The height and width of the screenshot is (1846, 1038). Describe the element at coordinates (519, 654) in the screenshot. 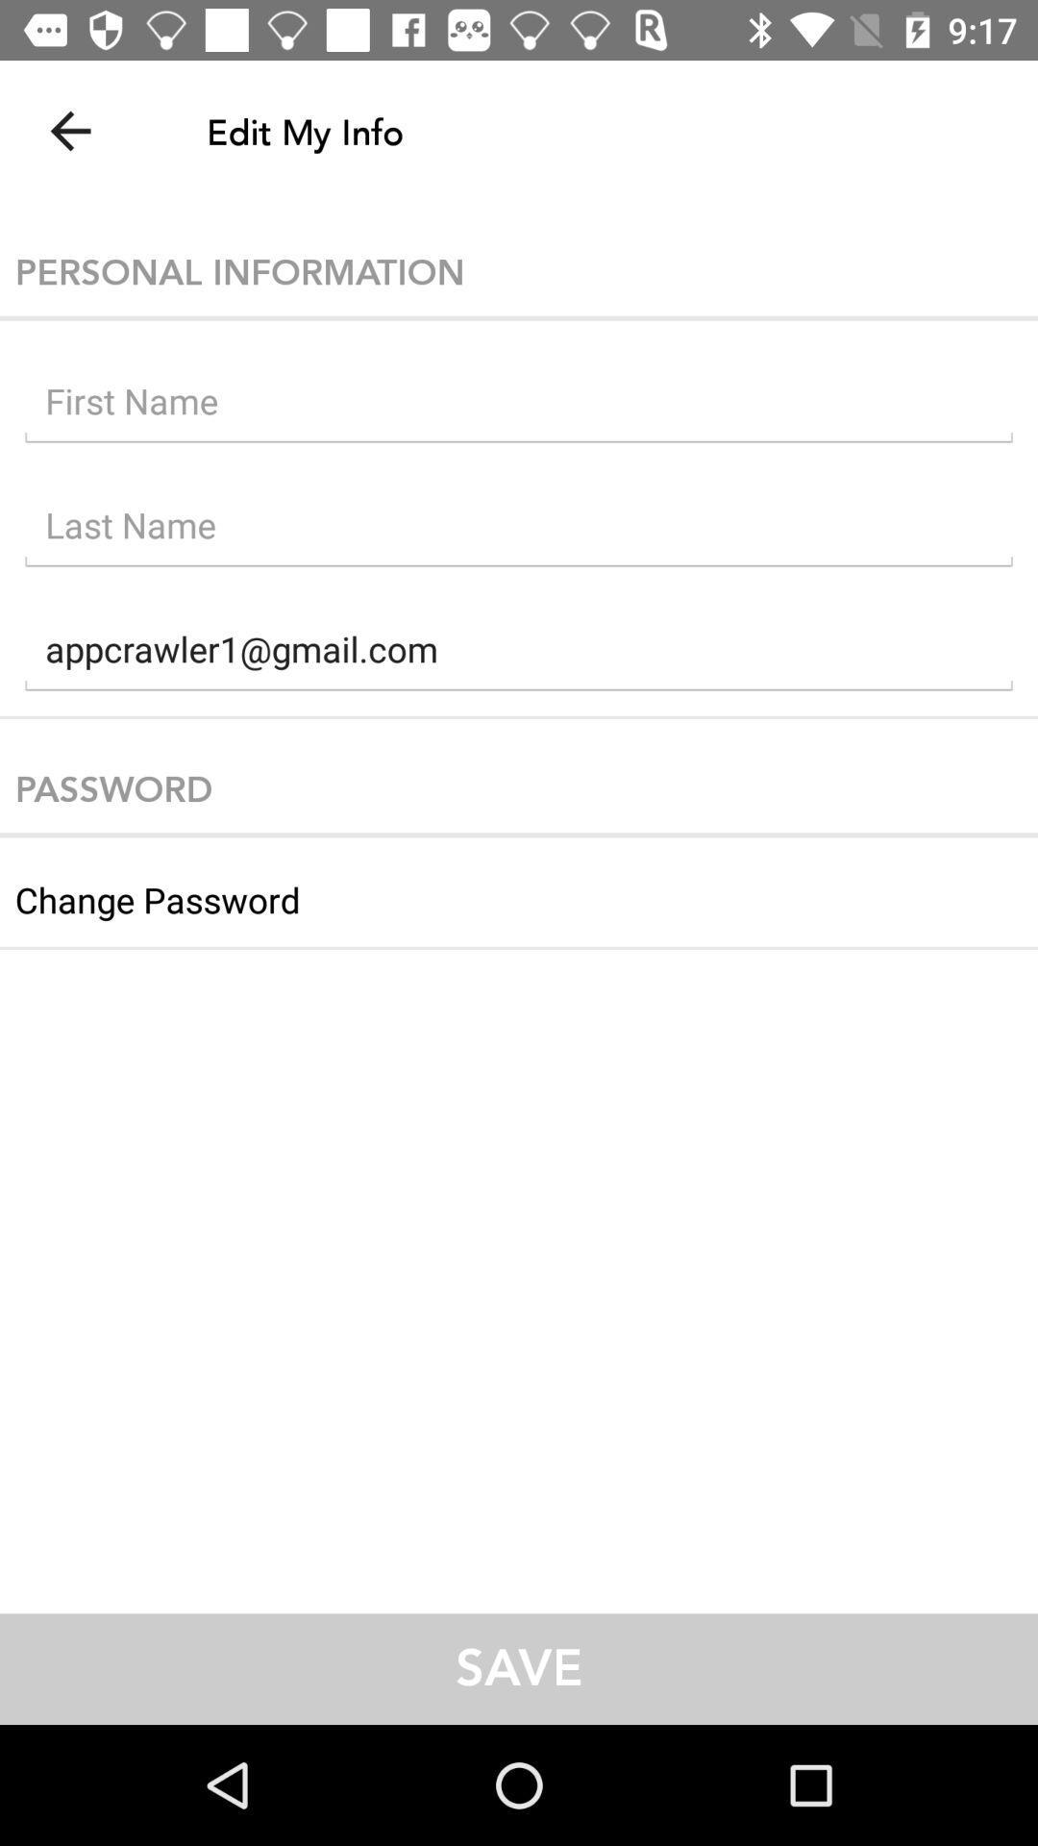

I see `appcrawler1@gmail.com item` at that location.